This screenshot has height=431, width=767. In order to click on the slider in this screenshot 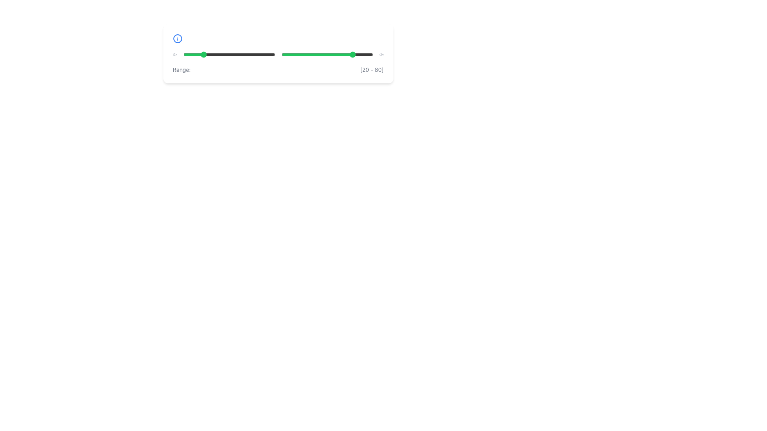, I will do `click(256, 54)`.